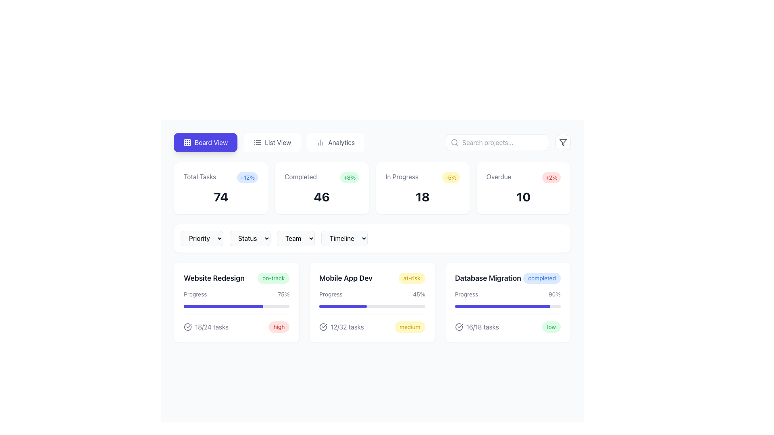 The image size is (774, 435). What do you see at coordinates (272, 142) in the screenshot?
I see `the 'List View' button, which is a rectangular button with a white background and gray text, featuring an icon of horizontal lines to its left` at bounding box center [272, 142].